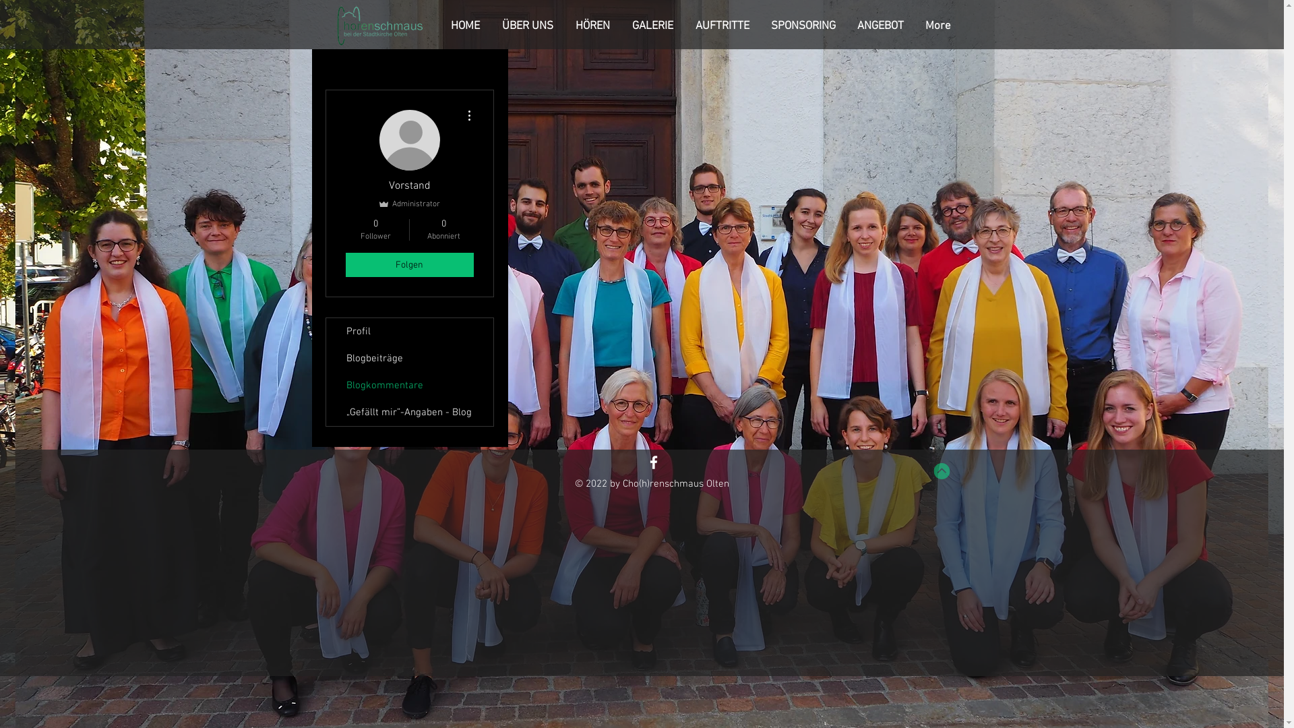 This screenshot has height=728, width=1294. Describe the element at coordinates (883, 26) in the screenshot. I see `'ANGEBOT'` at that location.